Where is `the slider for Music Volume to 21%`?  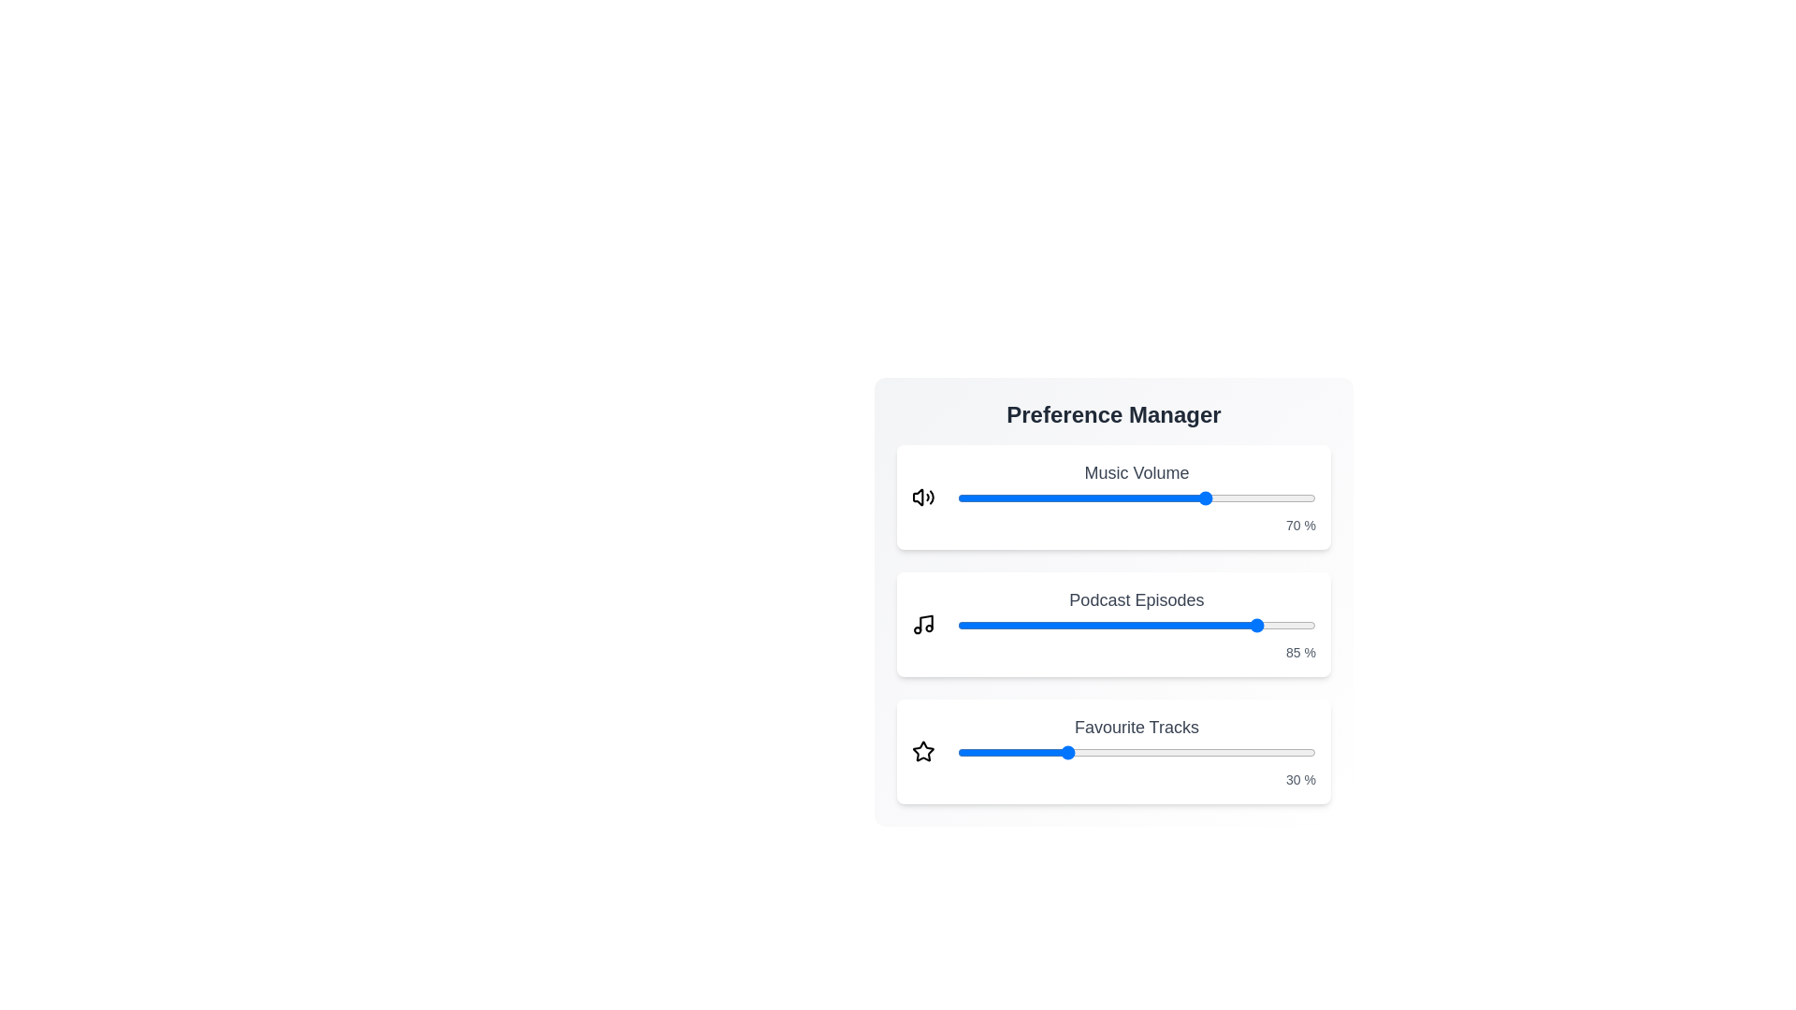 the slider for Music Volume to 21% is located at coordinates (1032, 497).